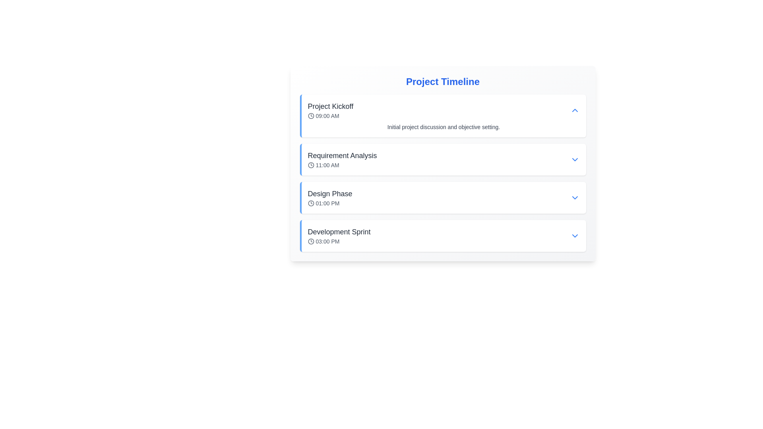  Describe the element at coordinates (330, 194) in the screenshot. I see `the text label displaying 'Design Phase' in a bold font, which is visually distinct as a section title and centrally aligned with other timeline entries` at that location.